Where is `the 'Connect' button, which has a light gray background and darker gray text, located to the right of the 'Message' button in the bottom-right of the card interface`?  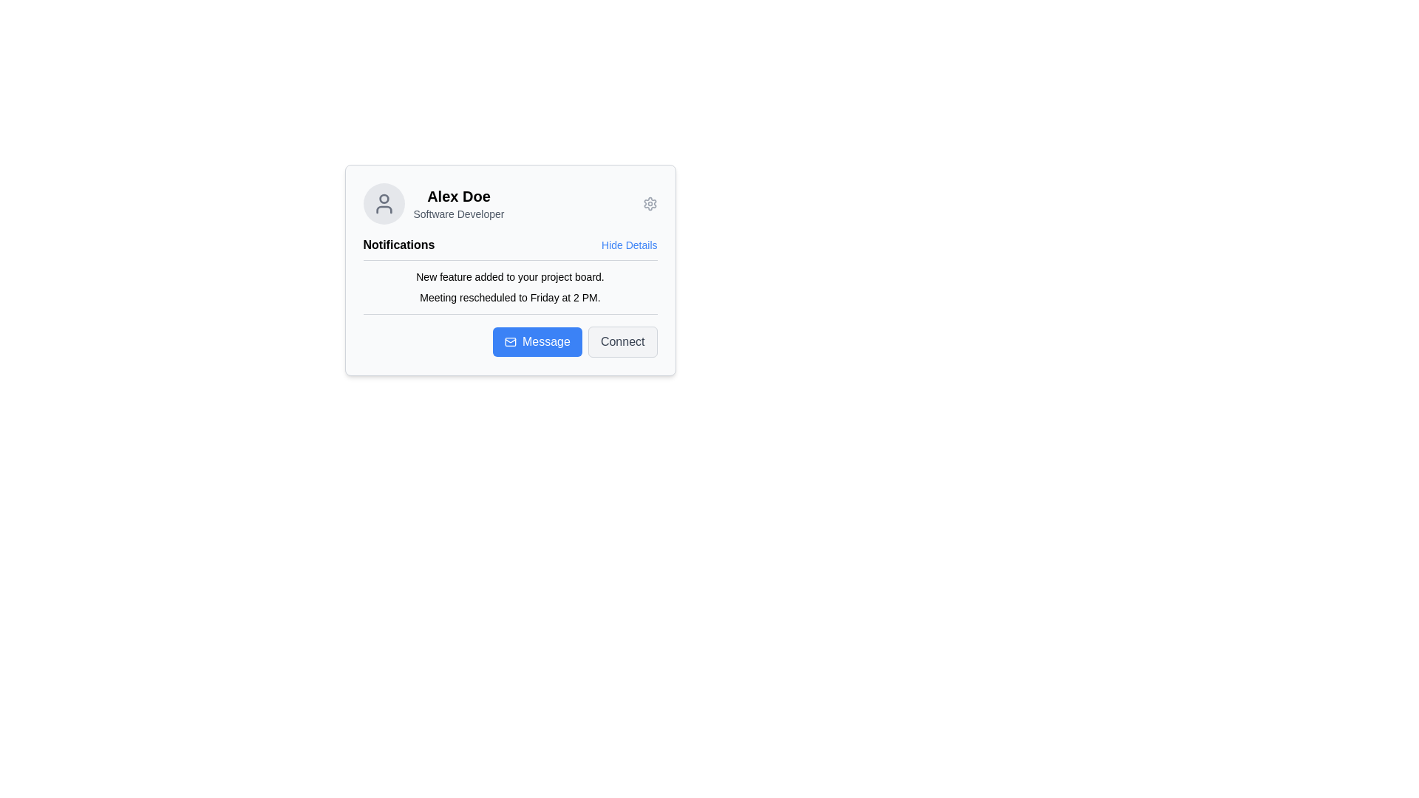 the 'Connect' button, which has a light gray background and darker gray text, located to the right of the 'Message' button in the bottom-right of the card interface is located at coordinates (622, 341).